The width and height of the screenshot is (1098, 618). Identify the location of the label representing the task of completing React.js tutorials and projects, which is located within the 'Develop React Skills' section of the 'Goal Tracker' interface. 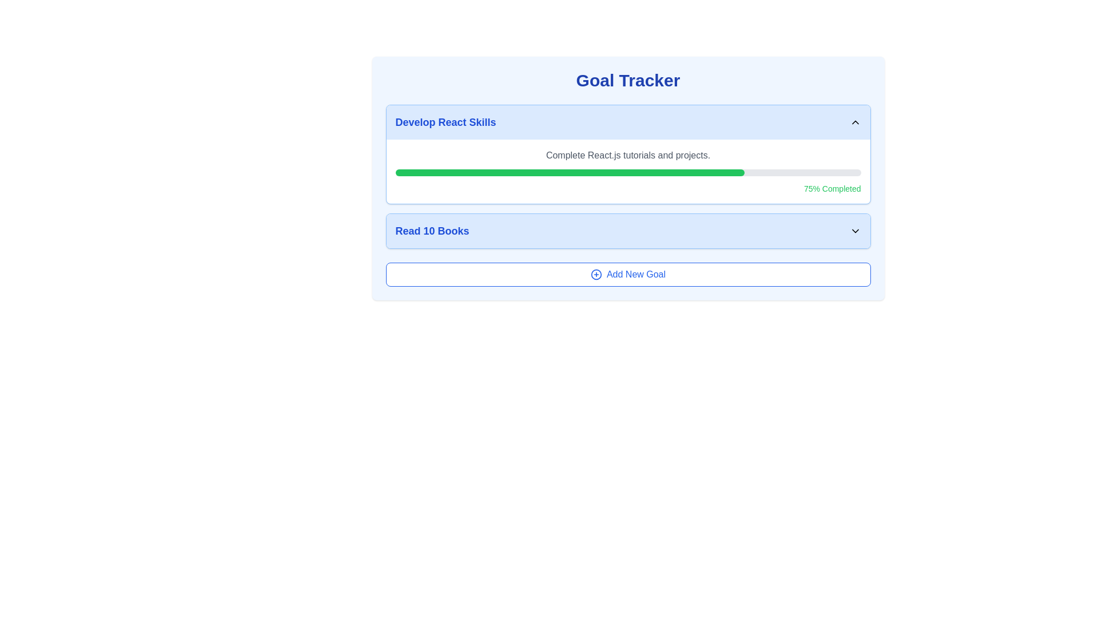
(627, 156).